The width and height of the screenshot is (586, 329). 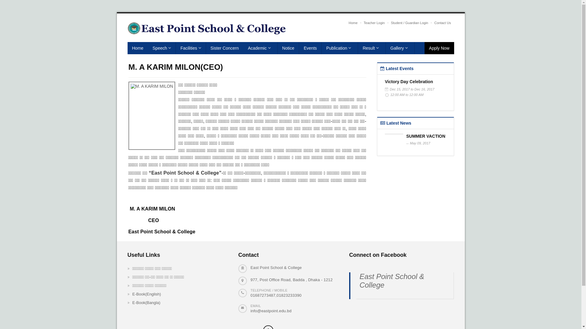 What do you see at coordinates (288, 48) in the screenshot?
I see `'Notice'` at bounding box center [288, 48].